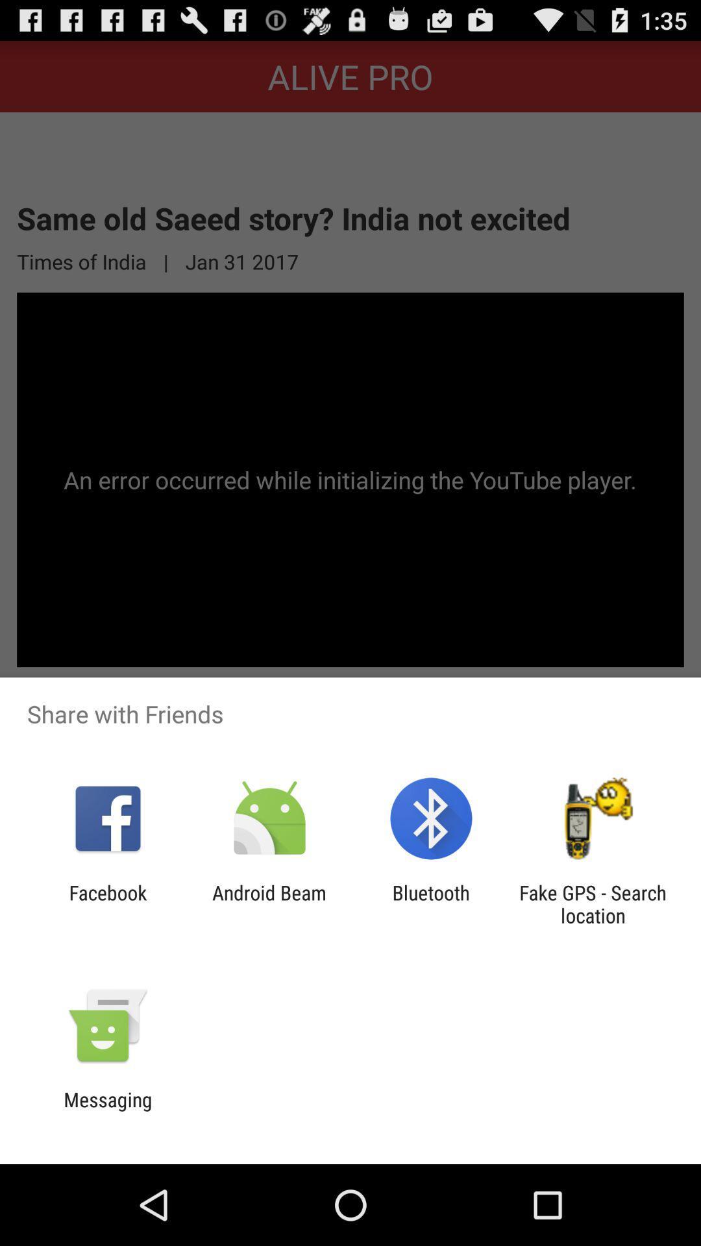 Image resolution: width=701 pixels, height=1246 pixels. I want to click on the fake gps search item, so click(593, 903).